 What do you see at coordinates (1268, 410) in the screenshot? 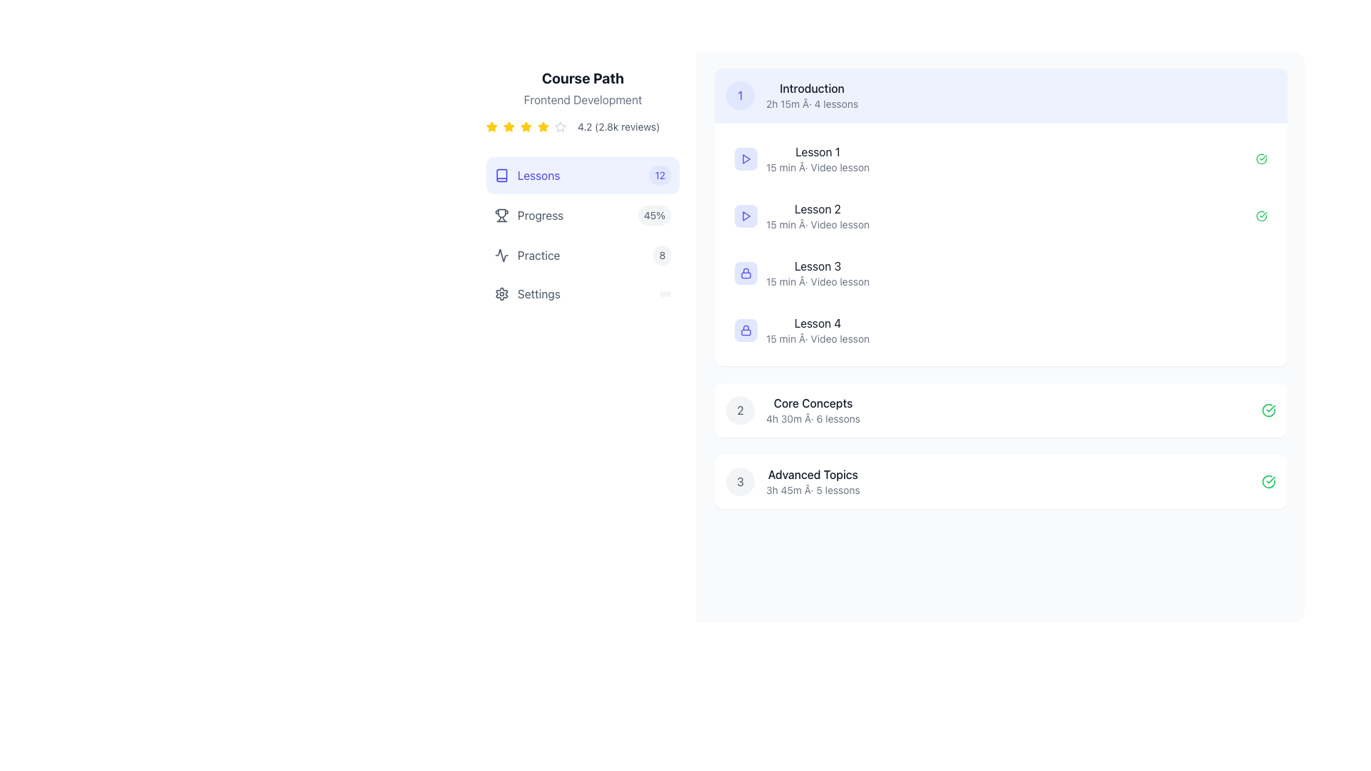
I see `the checkmark icon located on the far right of the 'Core Concepts' item in the main content section, indicating completion or verification` at bounding box center [1268, 410].